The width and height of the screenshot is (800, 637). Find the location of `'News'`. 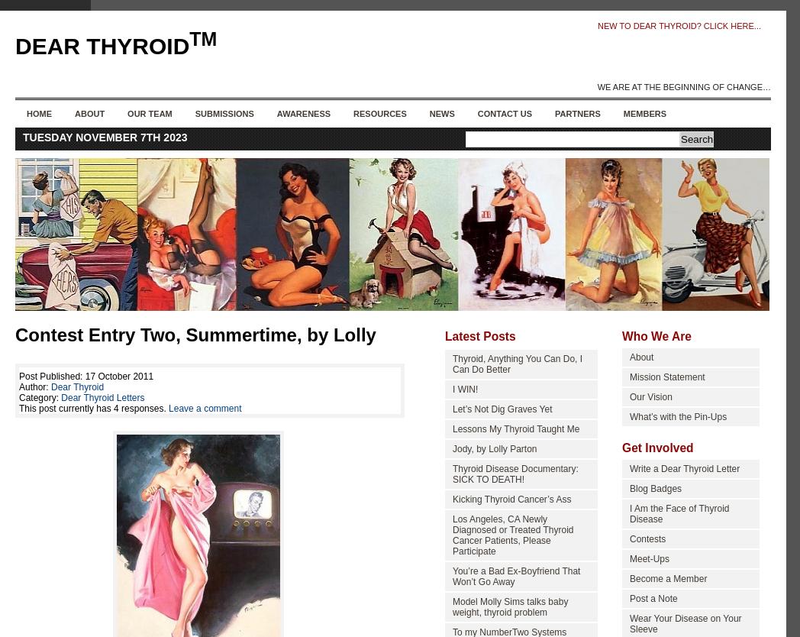

'News' is located at coordinates (441, 114).